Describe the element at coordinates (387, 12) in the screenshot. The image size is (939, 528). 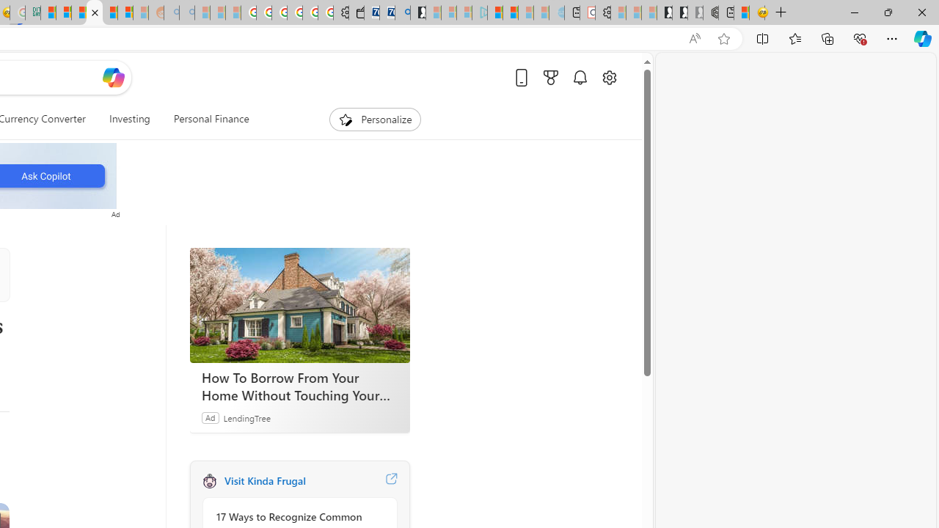
I see `'Cheap Car Rentals - Save70.com'` at that location.